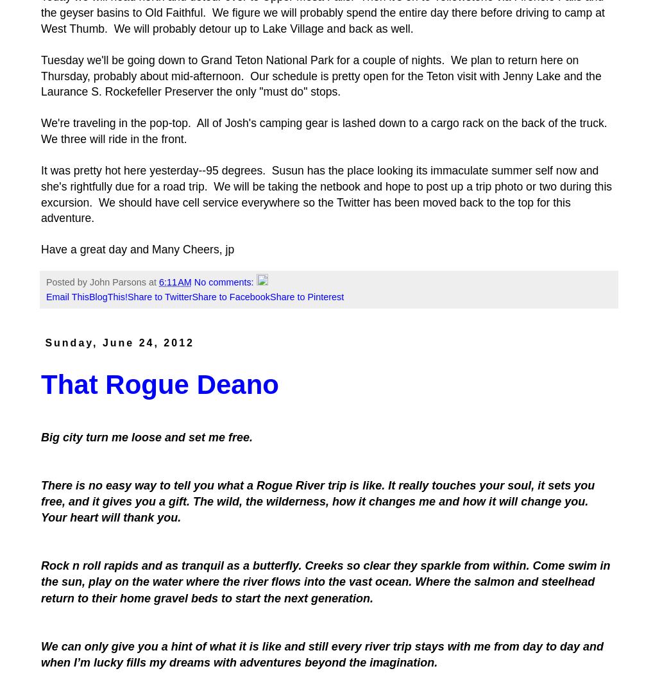 The height and width of the screenshot is (680, 653). What do you see at coordinates (324, 130) in the screenshot?
I see `'We're traveling in the pop-top.  All of Josh's camping gear is lashed down to a cargo rack on the back of the truck. We three will ride in the front.'` at bounding box center [324, 130].